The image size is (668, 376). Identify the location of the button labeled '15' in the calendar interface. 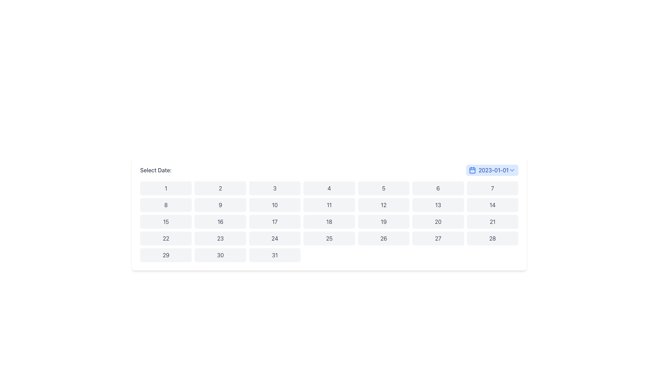
(166, 221).